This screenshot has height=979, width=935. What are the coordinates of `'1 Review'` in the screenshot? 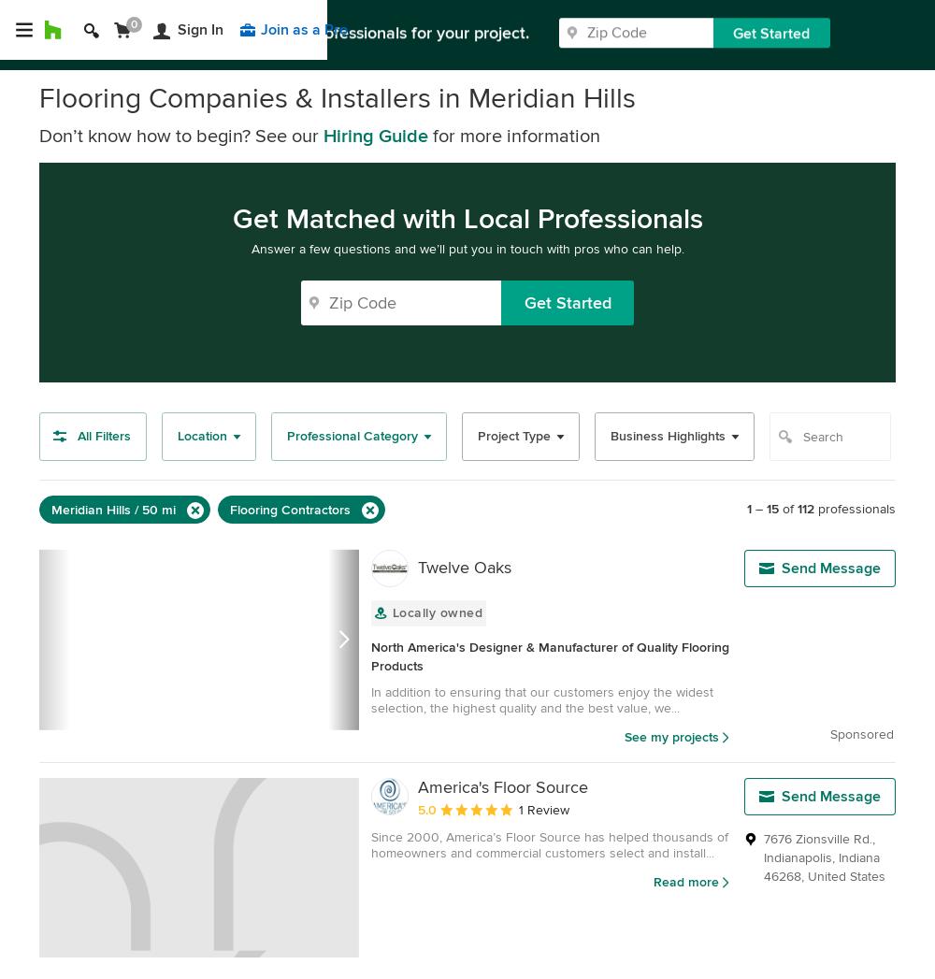 It's located at (543, 809).